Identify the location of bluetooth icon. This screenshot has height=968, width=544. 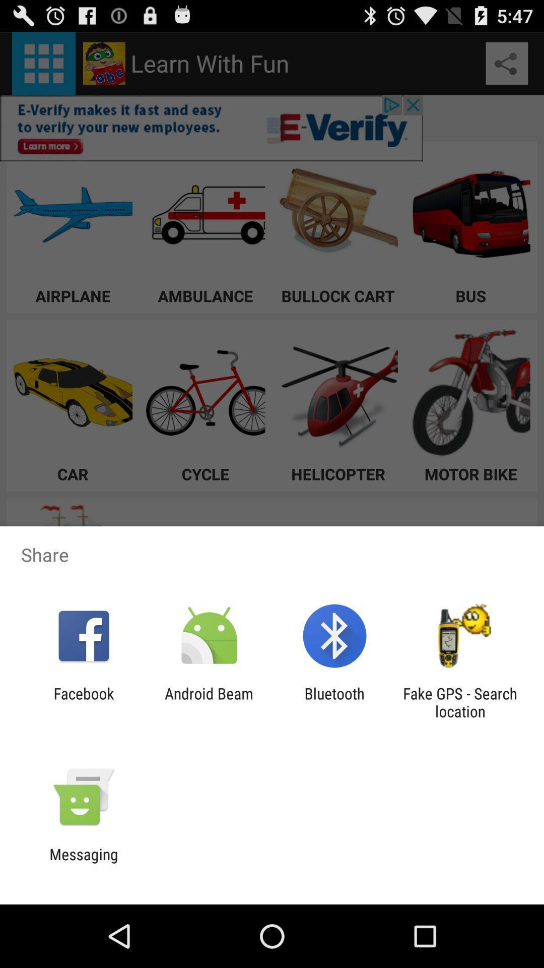
(334, 702).